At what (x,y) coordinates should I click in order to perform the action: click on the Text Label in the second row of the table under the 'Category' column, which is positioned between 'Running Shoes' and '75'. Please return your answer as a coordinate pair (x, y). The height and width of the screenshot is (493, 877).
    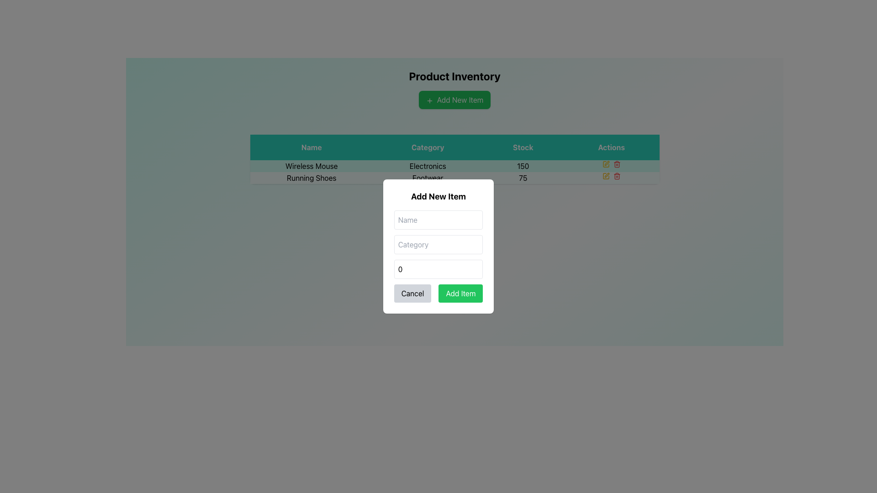
    Looking at the image, I should click on (427, 178).